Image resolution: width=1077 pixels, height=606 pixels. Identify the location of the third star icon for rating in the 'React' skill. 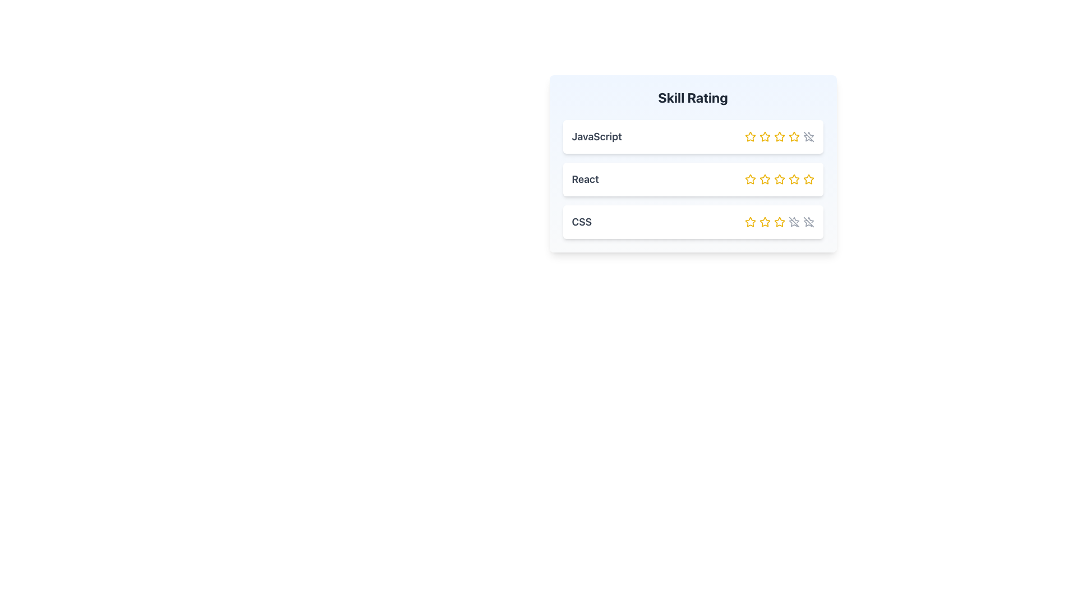
(779, 178).